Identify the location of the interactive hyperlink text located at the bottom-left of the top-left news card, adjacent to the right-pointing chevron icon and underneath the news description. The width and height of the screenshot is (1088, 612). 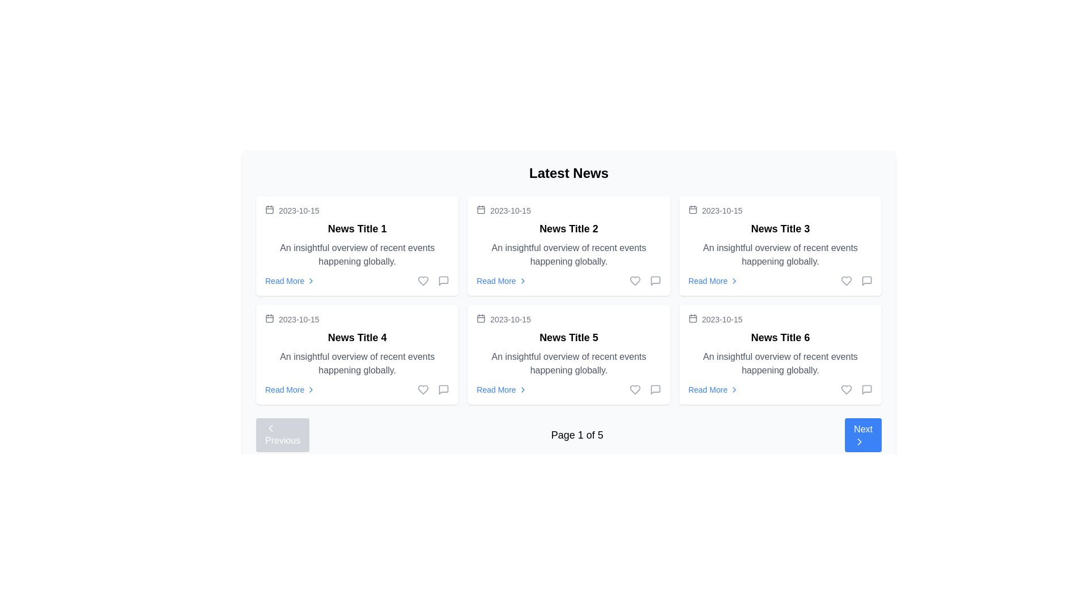
(284, 280).